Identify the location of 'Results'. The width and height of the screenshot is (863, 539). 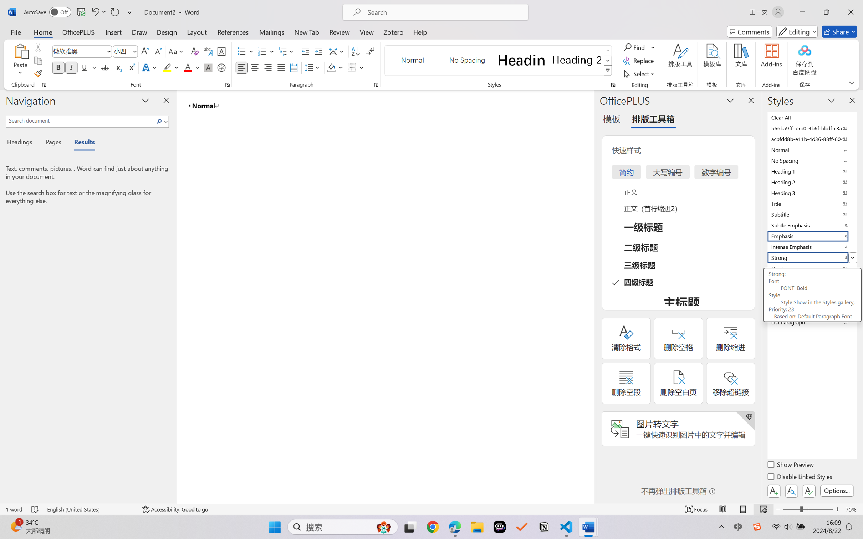
(81, 143).